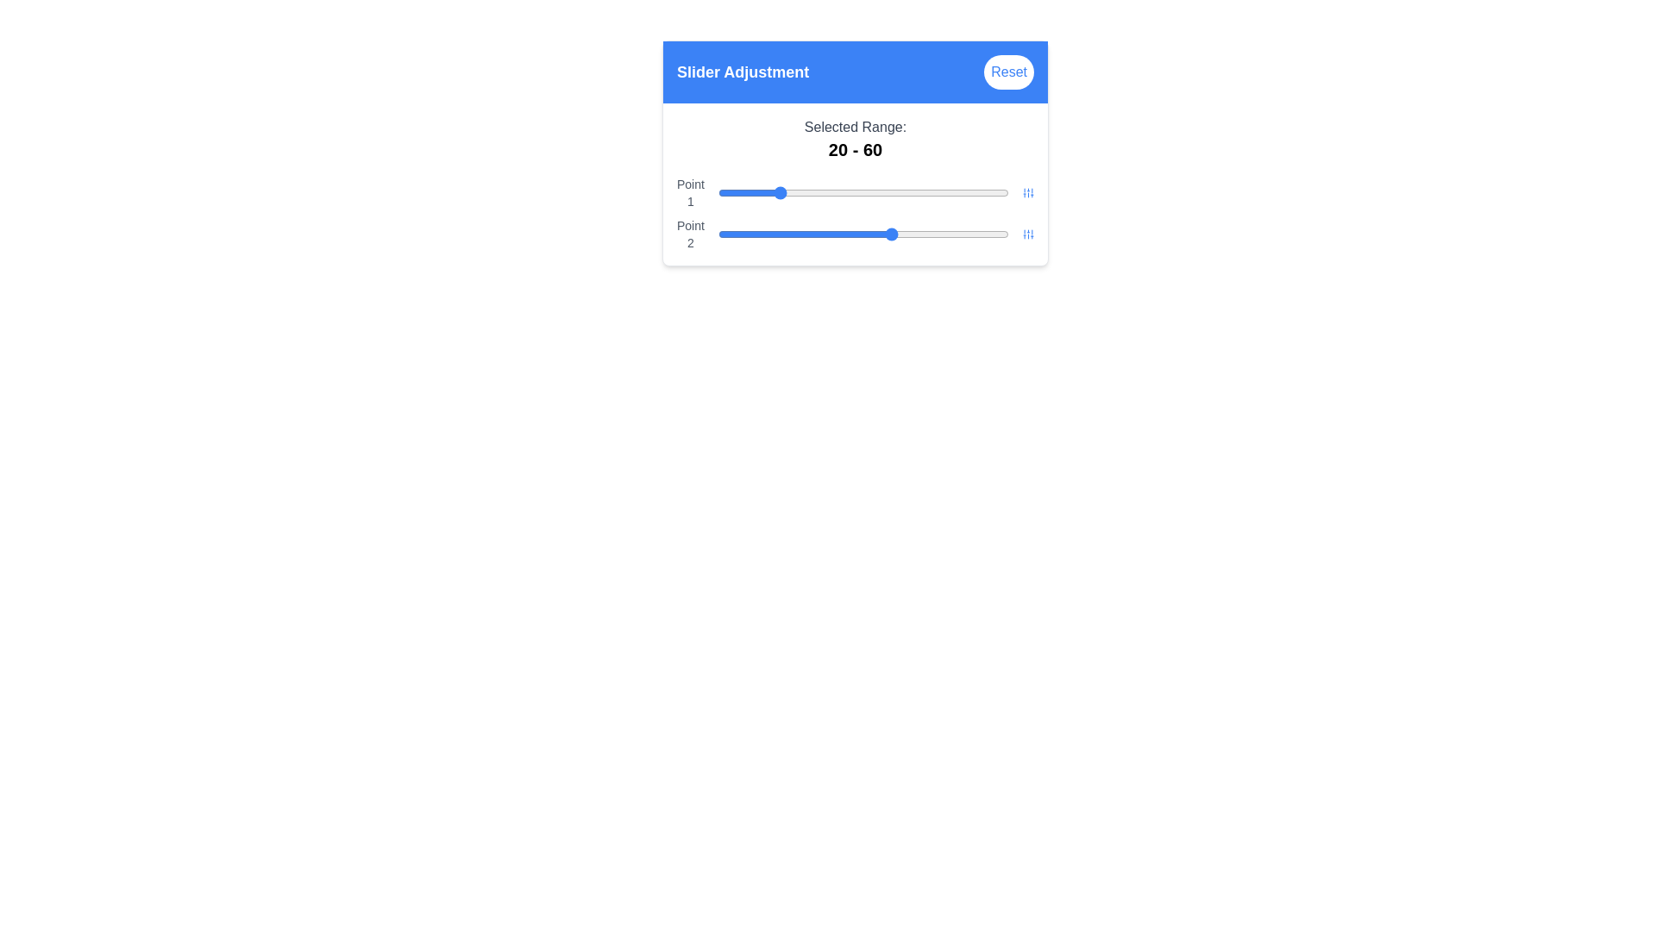 The height and width of the screenshot is (931, 1656). Describe the element at coordinates (863, 234) in the screenshot. I see `the horizontal range slider located under the label 'Point 2'` at that location.